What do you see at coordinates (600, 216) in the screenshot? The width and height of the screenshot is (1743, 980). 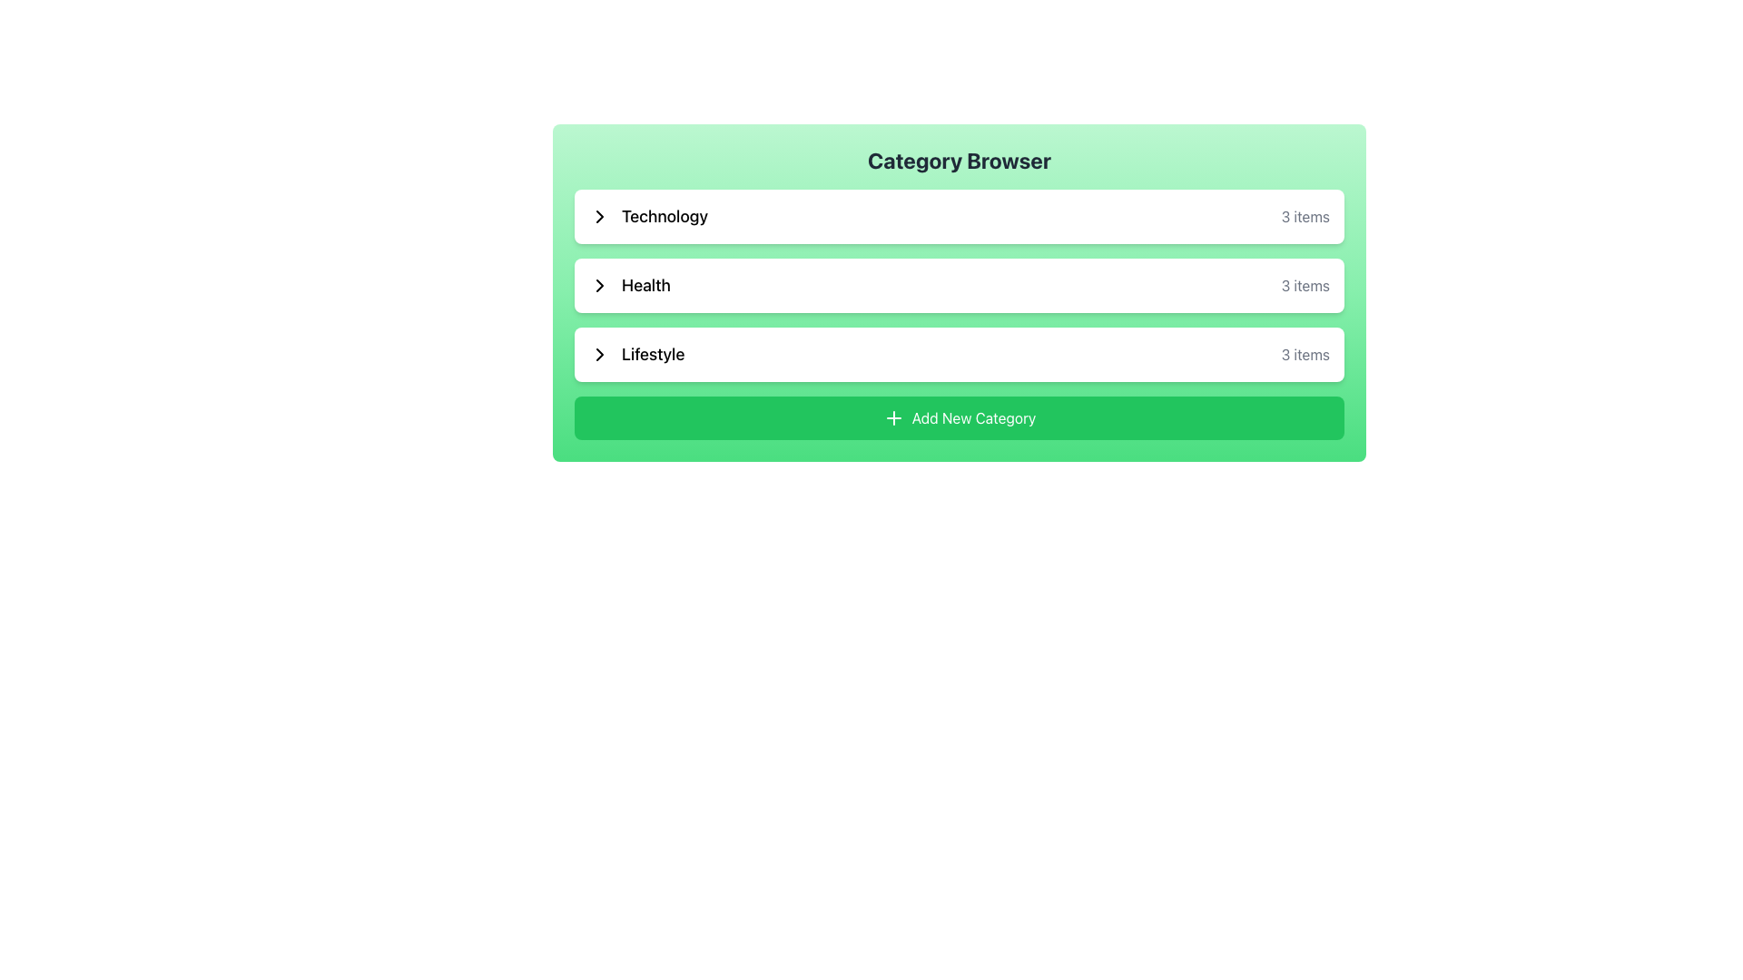 I see `the right-pointing chevron arrow icon` at bounding box center [600, 216].